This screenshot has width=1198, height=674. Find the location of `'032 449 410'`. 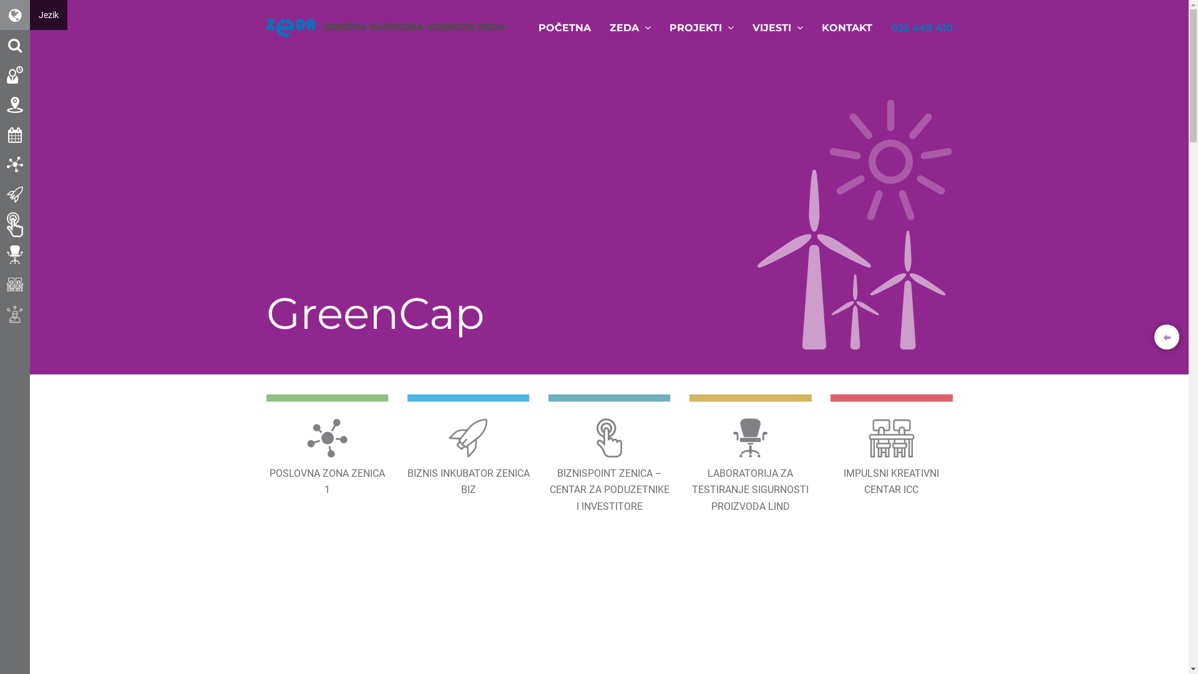

'032 449 410' is located at coordinates (921, 28).